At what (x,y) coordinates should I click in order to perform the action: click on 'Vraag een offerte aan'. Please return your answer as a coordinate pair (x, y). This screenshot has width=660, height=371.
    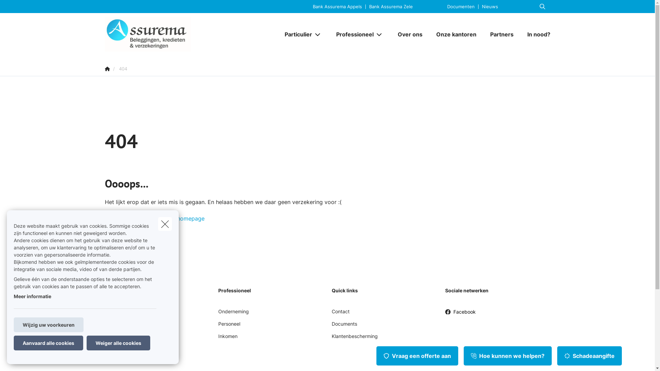
    Looking at the image, I should click on (417, 356).